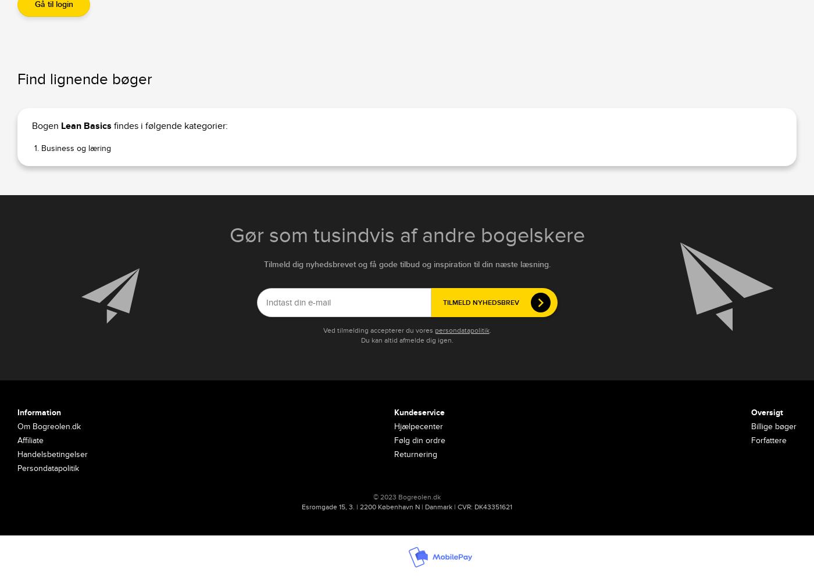 The image size is (814, 579). What do you see at coordinates (46, 126) in the screenshot?
I see `'Bogen'` at bounding box center [46, 126].